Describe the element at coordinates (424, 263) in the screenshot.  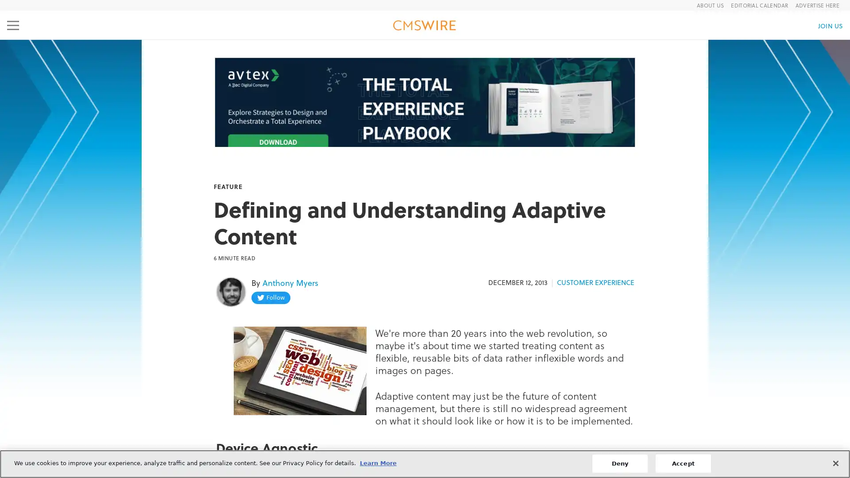
I see `Join the Community` at that location.